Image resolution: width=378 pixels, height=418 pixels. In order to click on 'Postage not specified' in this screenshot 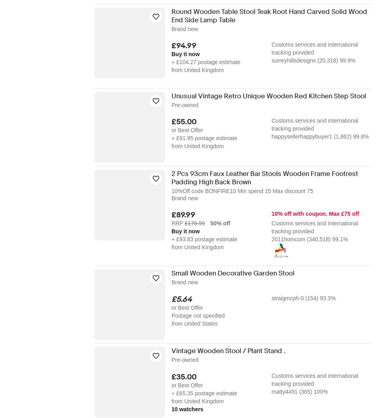, I will do `click(171, 315)`.